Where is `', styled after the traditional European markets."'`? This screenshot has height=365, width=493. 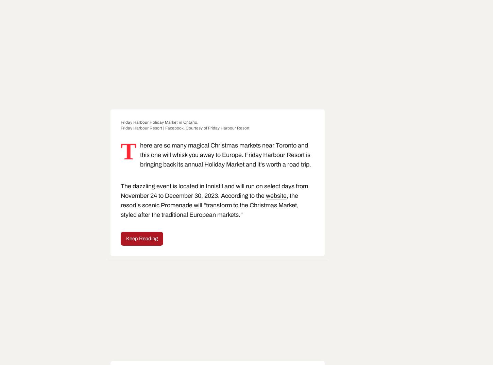 ', styled after the traditional European markets."' is located at coordinates (209, 210).